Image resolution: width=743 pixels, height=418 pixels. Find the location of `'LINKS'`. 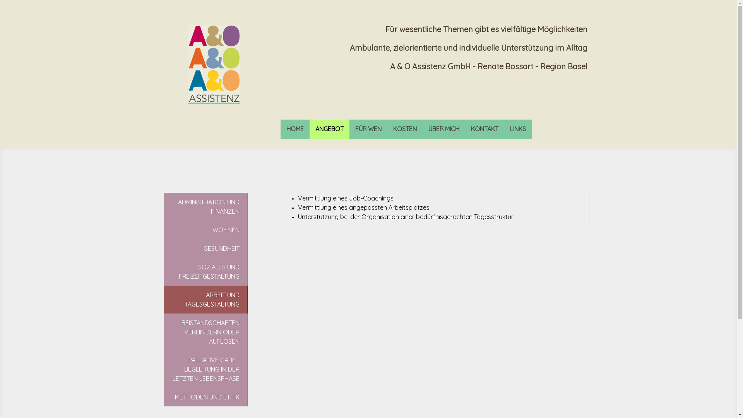

'LINKS' is located at coordinates (517, 129).